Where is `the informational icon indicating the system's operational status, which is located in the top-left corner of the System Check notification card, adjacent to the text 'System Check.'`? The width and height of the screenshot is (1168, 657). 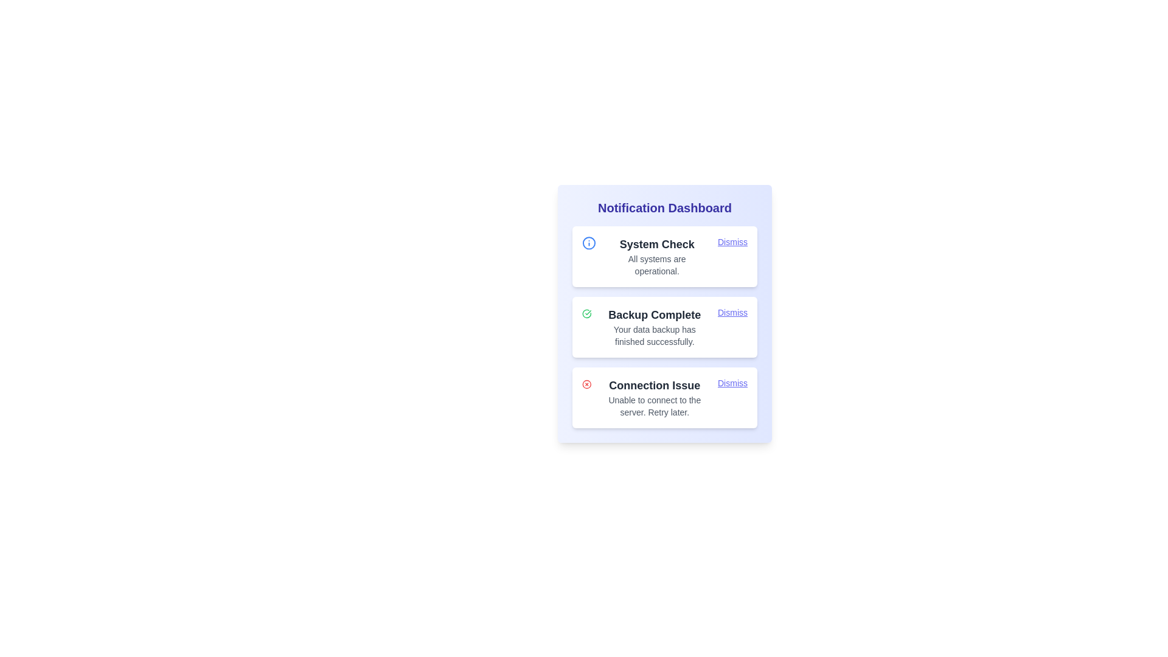
the informational icon indicating the system's operational status, which is located in the top-left corner of the System Check notification card, adjacent to the text 'System Check.' is located at coordinates (589, 243).